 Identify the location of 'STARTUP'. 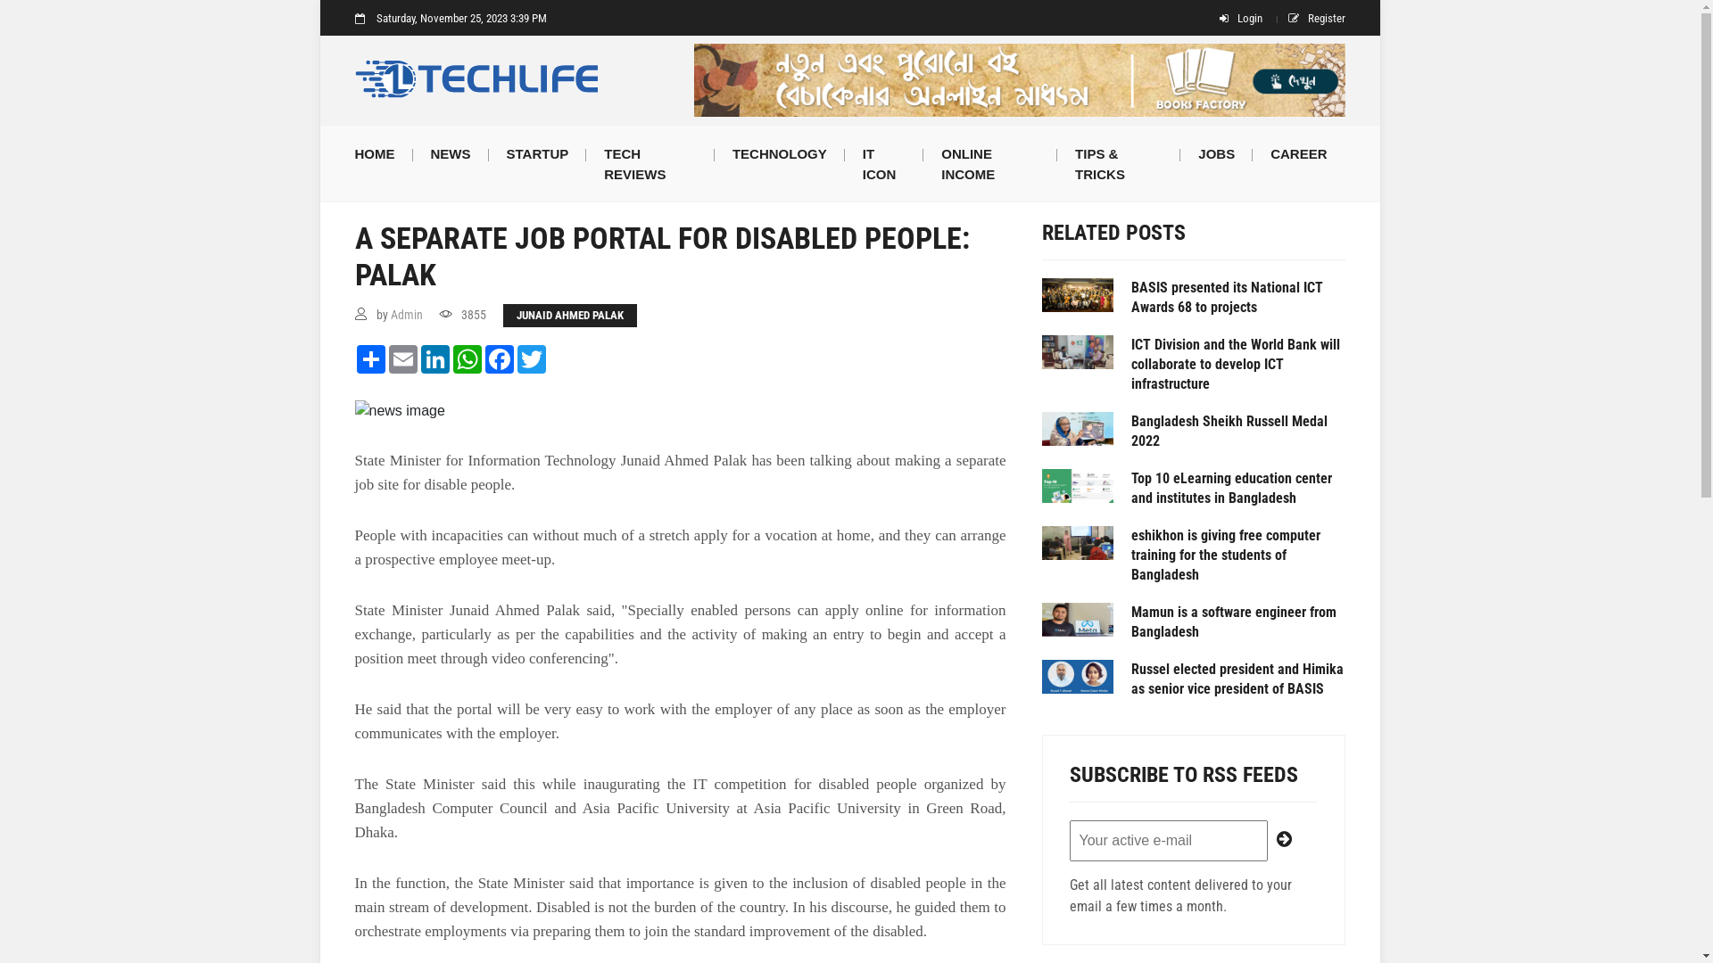
(537, 152).